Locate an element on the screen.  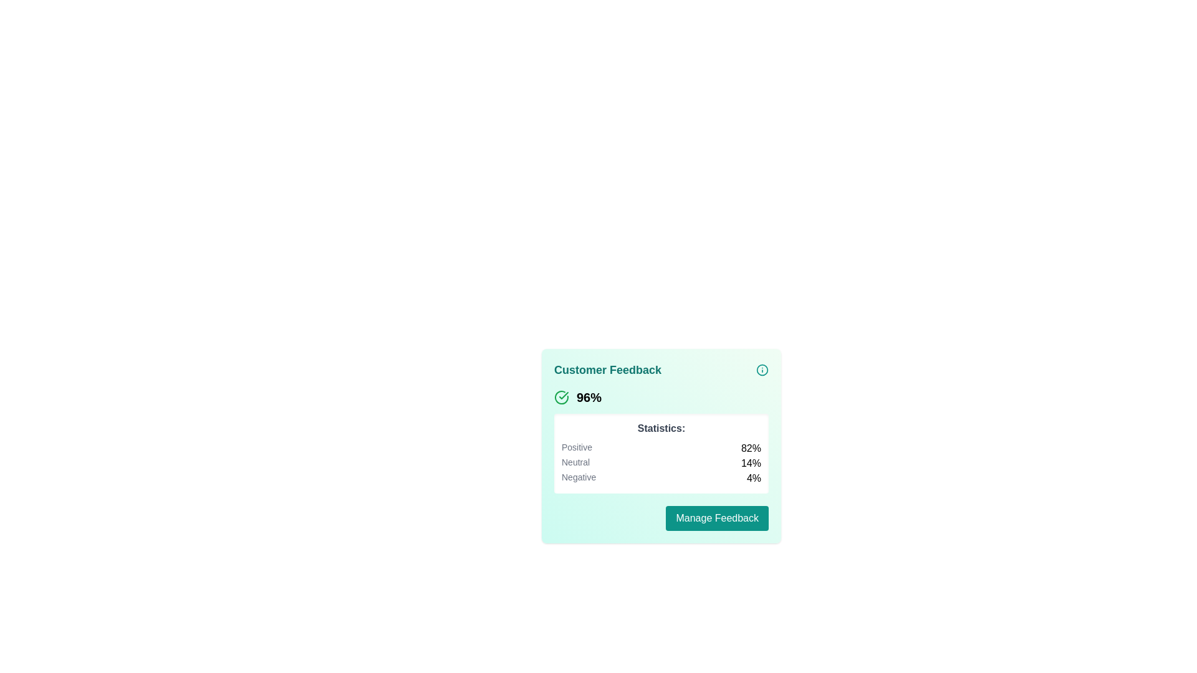
the text label displaying 'Positive' with gray font color, located under 'Statistics' in the feedback summary card is located at coordinates (576, 449).